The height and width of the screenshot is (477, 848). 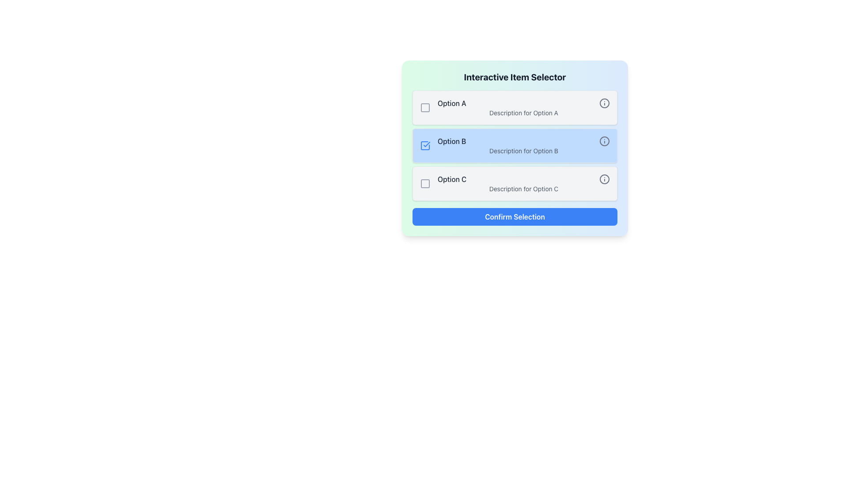 What do you see at coordinates (604, 103) in the screenshot?
I see `the gray circular outline within the SVG icon located in the far-right section of the 'Option A' row in the 'Interactive Item Selector'` at bounding box center [604, 103].